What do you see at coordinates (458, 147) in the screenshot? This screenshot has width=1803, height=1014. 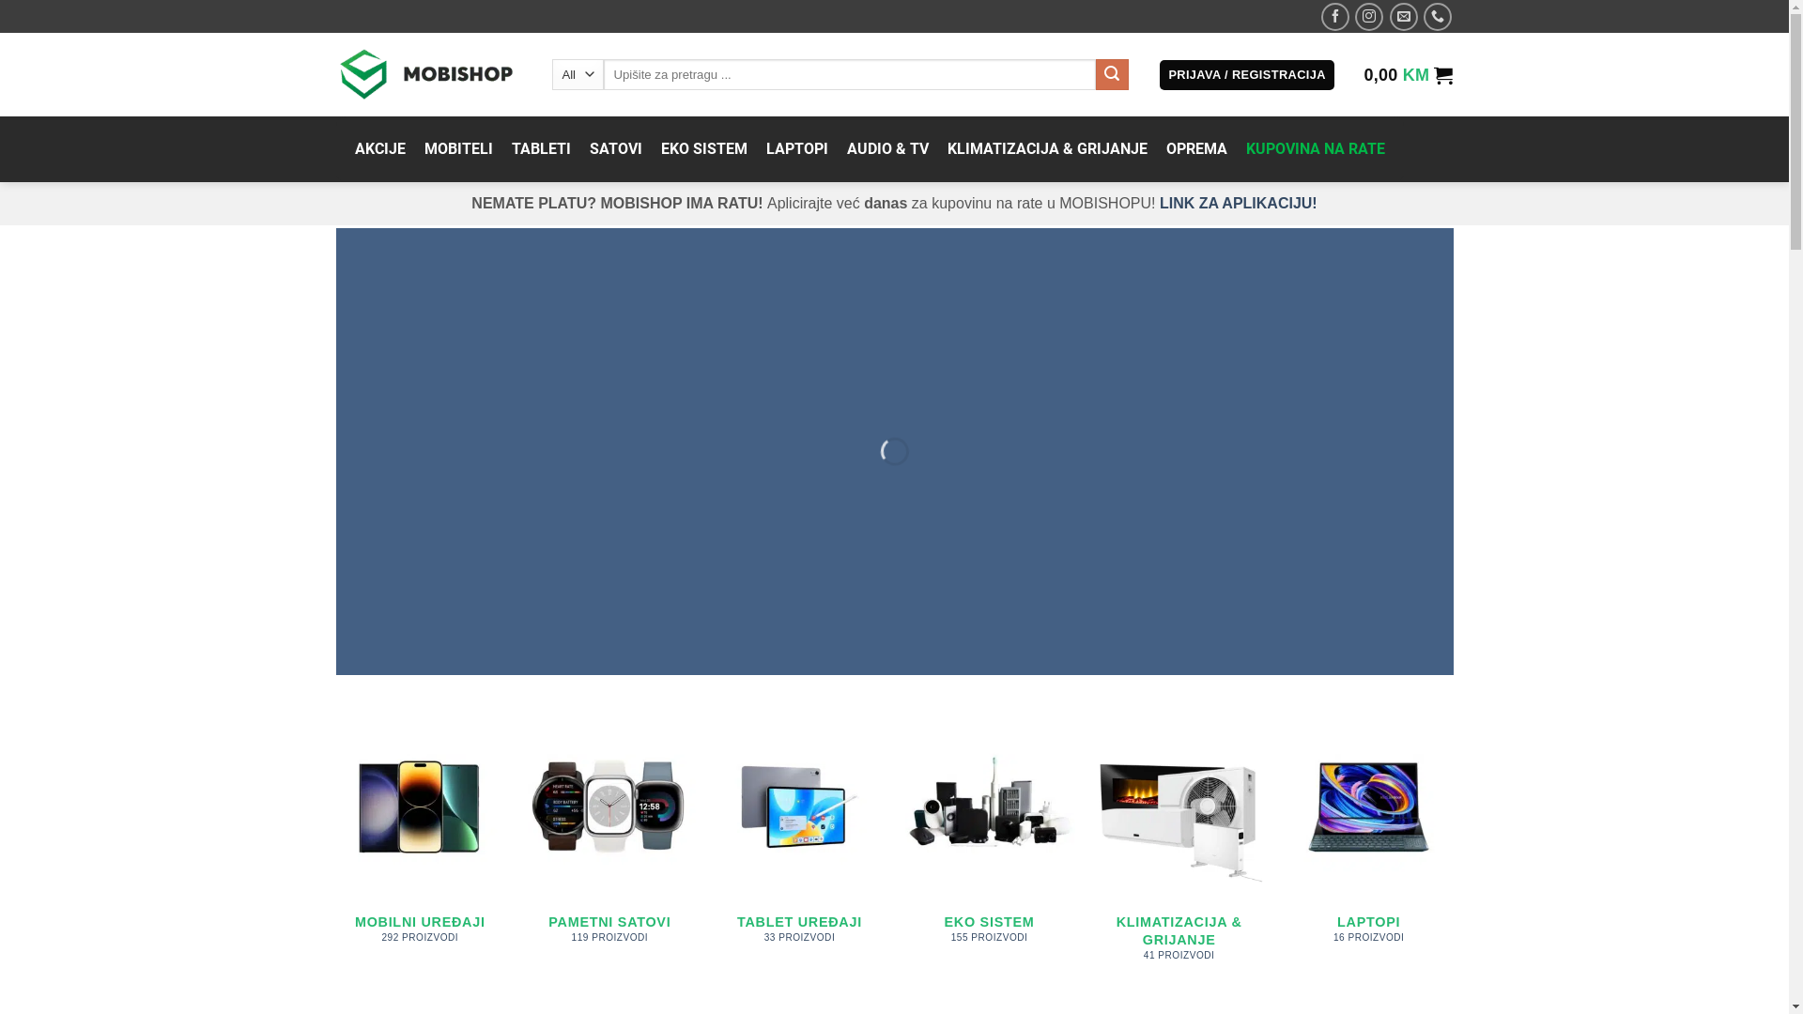 I see `'MOBITELI'` at bounding box center [458, 147].